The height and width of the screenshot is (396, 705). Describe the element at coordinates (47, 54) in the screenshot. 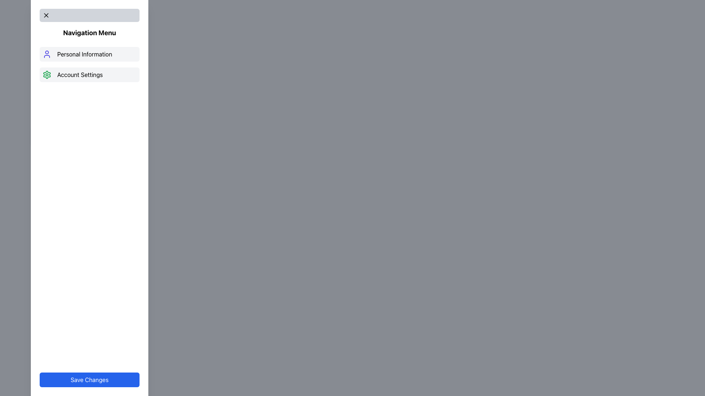

I see `the 'Personal Information' icon, which is located on the left side of the card labeled 'Personal Information' in the Navigation Menu` at that location.